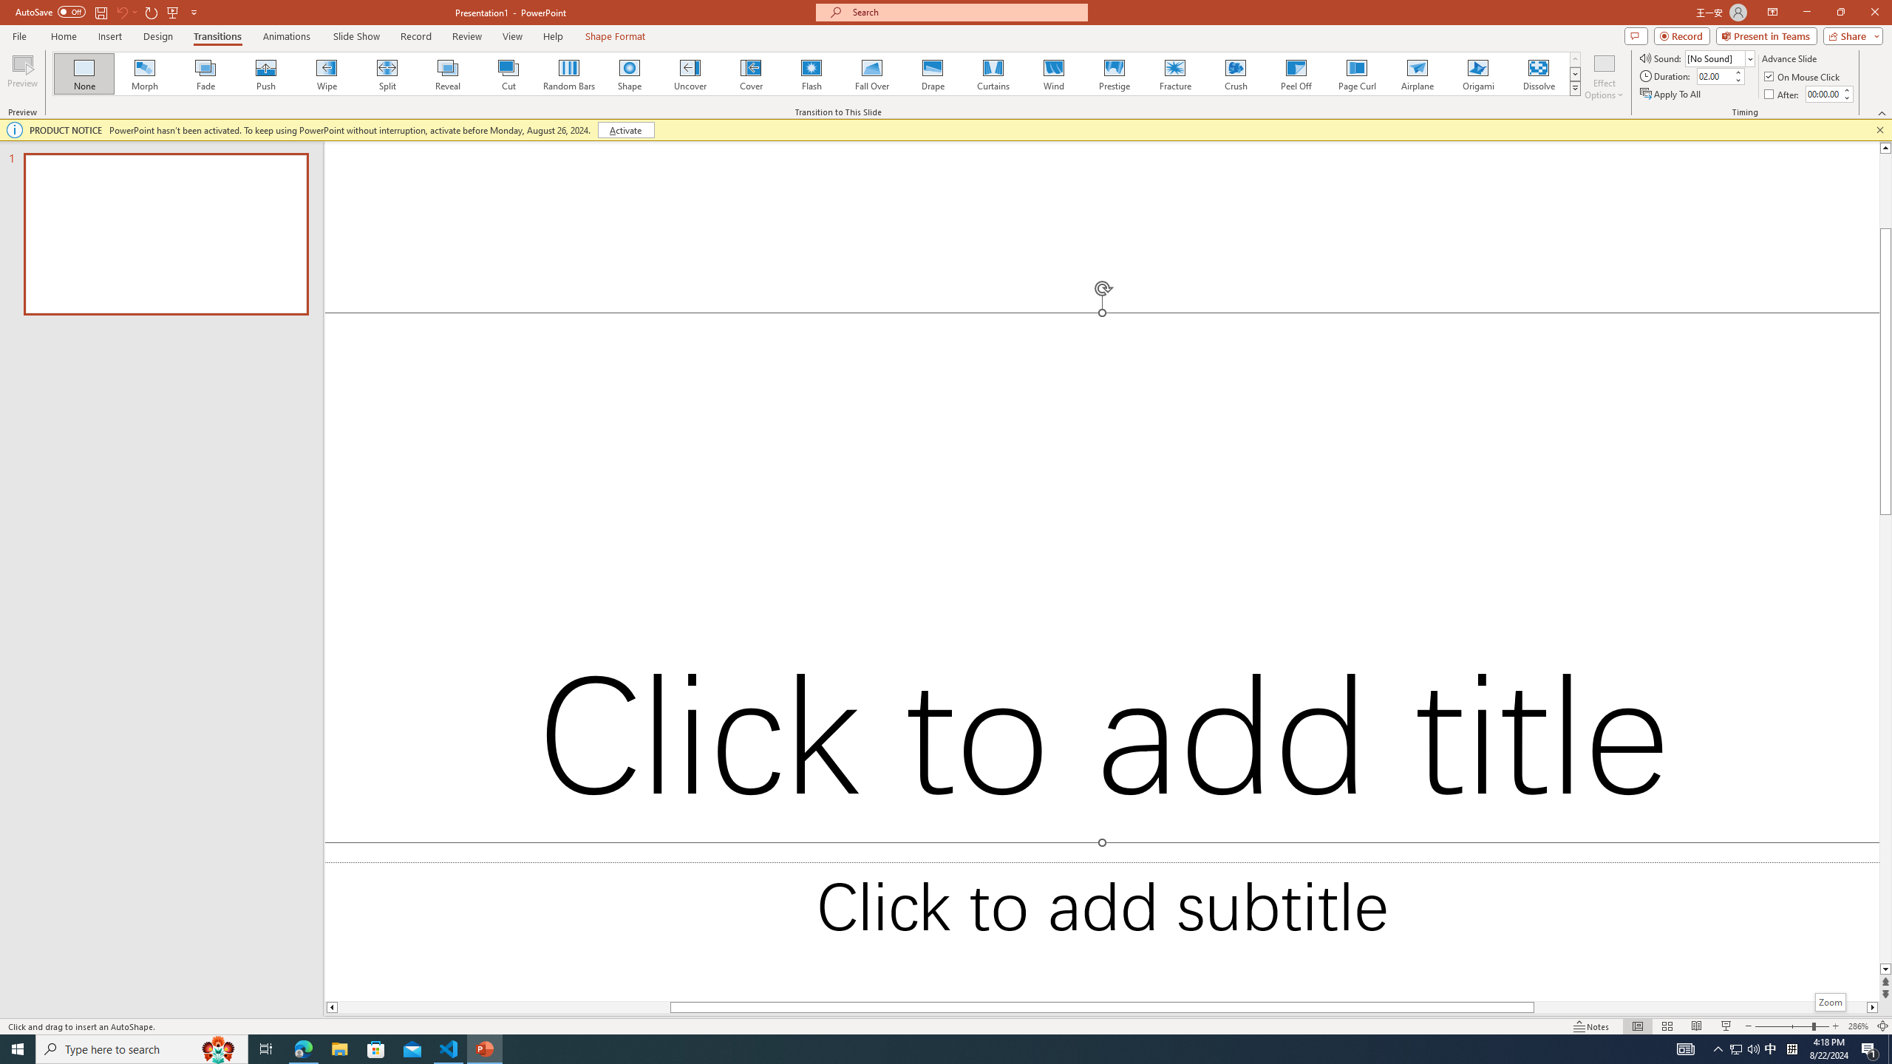 The image size is (1892, 1064). I want to click on 'Flash', so click(811, 73).